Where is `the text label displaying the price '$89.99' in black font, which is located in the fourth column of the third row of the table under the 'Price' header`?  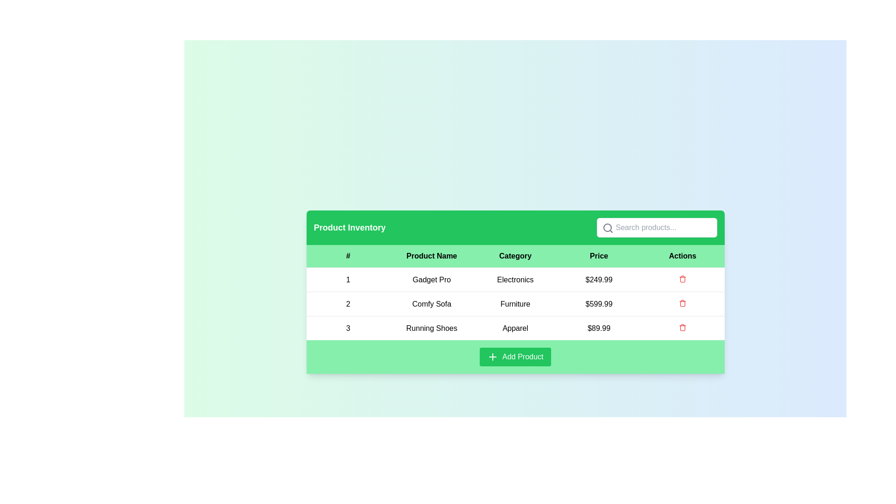
the text label displaying the price '$89.99' in black font, which is located in the fourth column of the third row of the table under the 'Price' header is located at coordinates (599, 328).